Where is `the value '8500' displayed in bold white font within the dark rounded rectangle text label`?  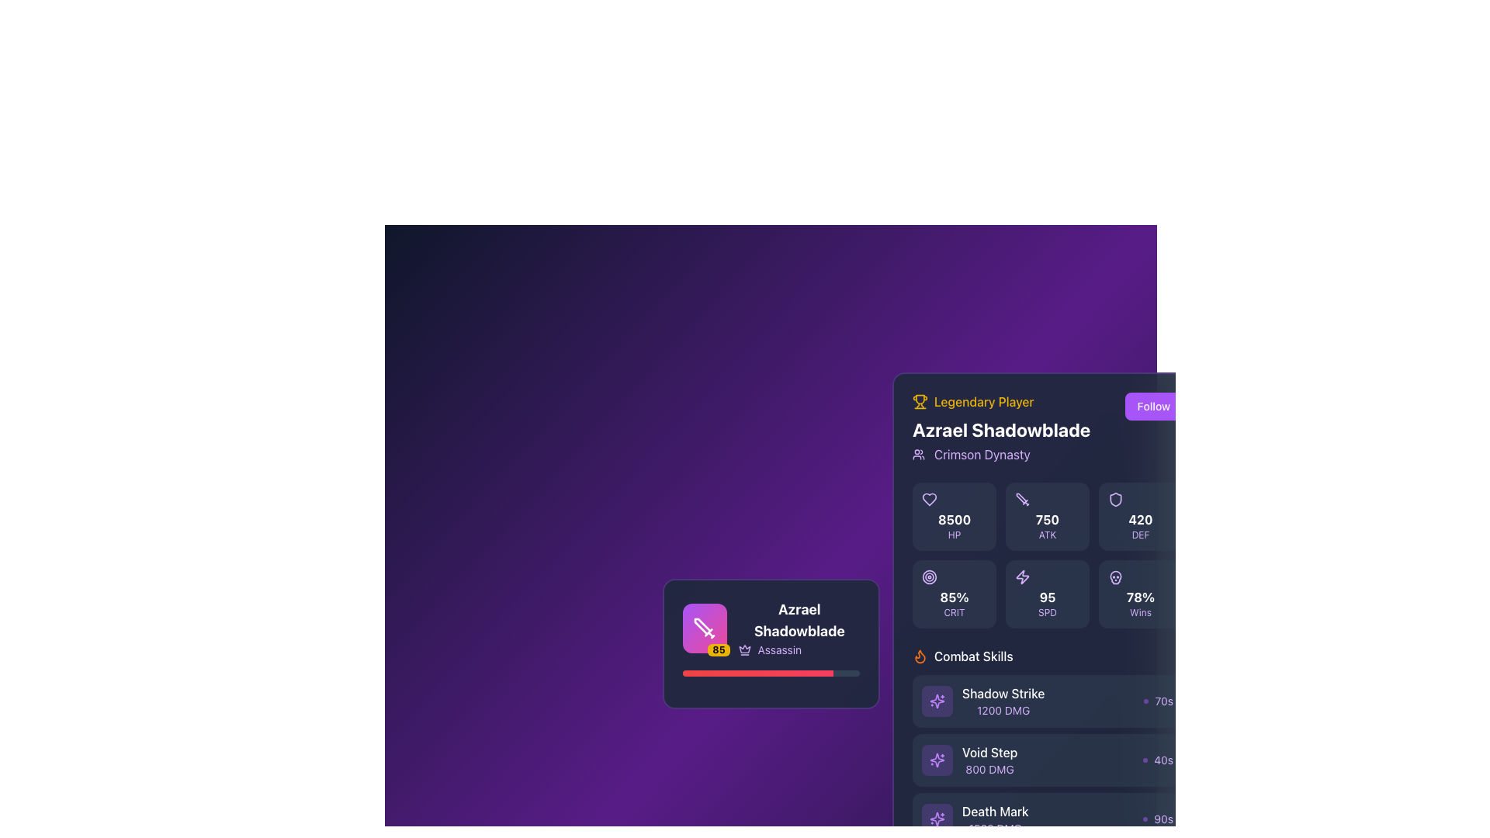
the value '8500' displayed in bold white font within the dark rounded rectangle text label is located at coordinates (953, 520).